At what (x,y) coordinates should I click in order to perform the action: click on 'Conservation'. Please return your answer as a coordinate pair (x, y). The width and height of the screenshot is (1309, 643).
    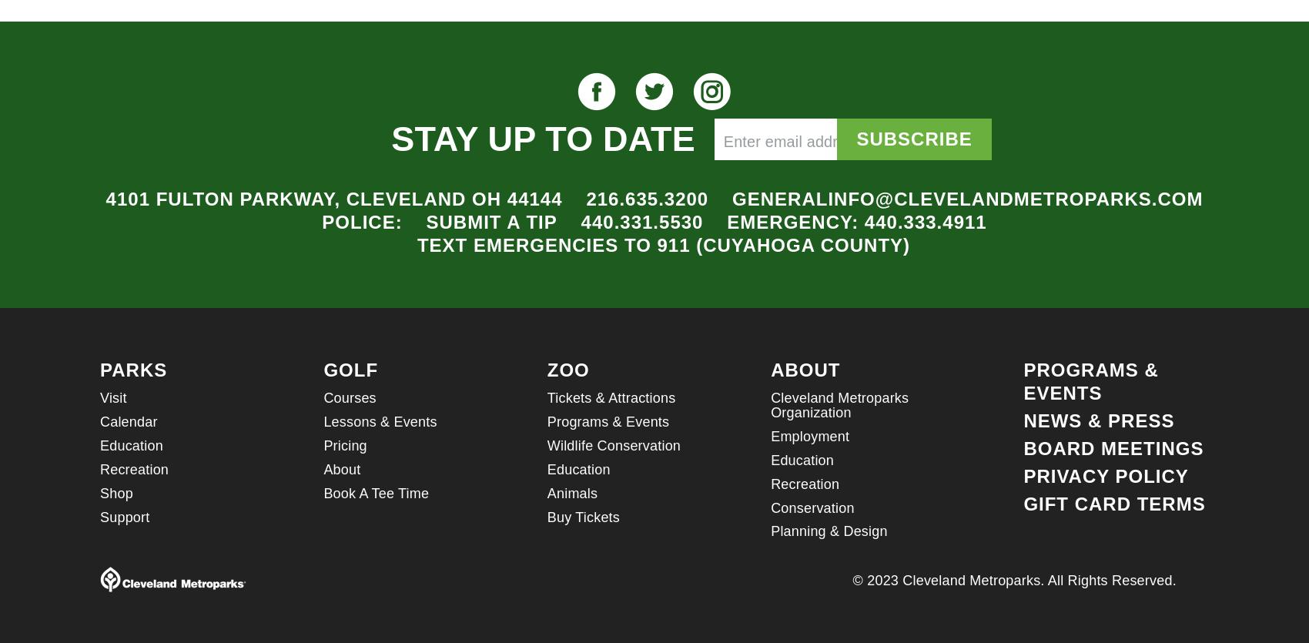
    Looking at the image, I should click on (812, 506).